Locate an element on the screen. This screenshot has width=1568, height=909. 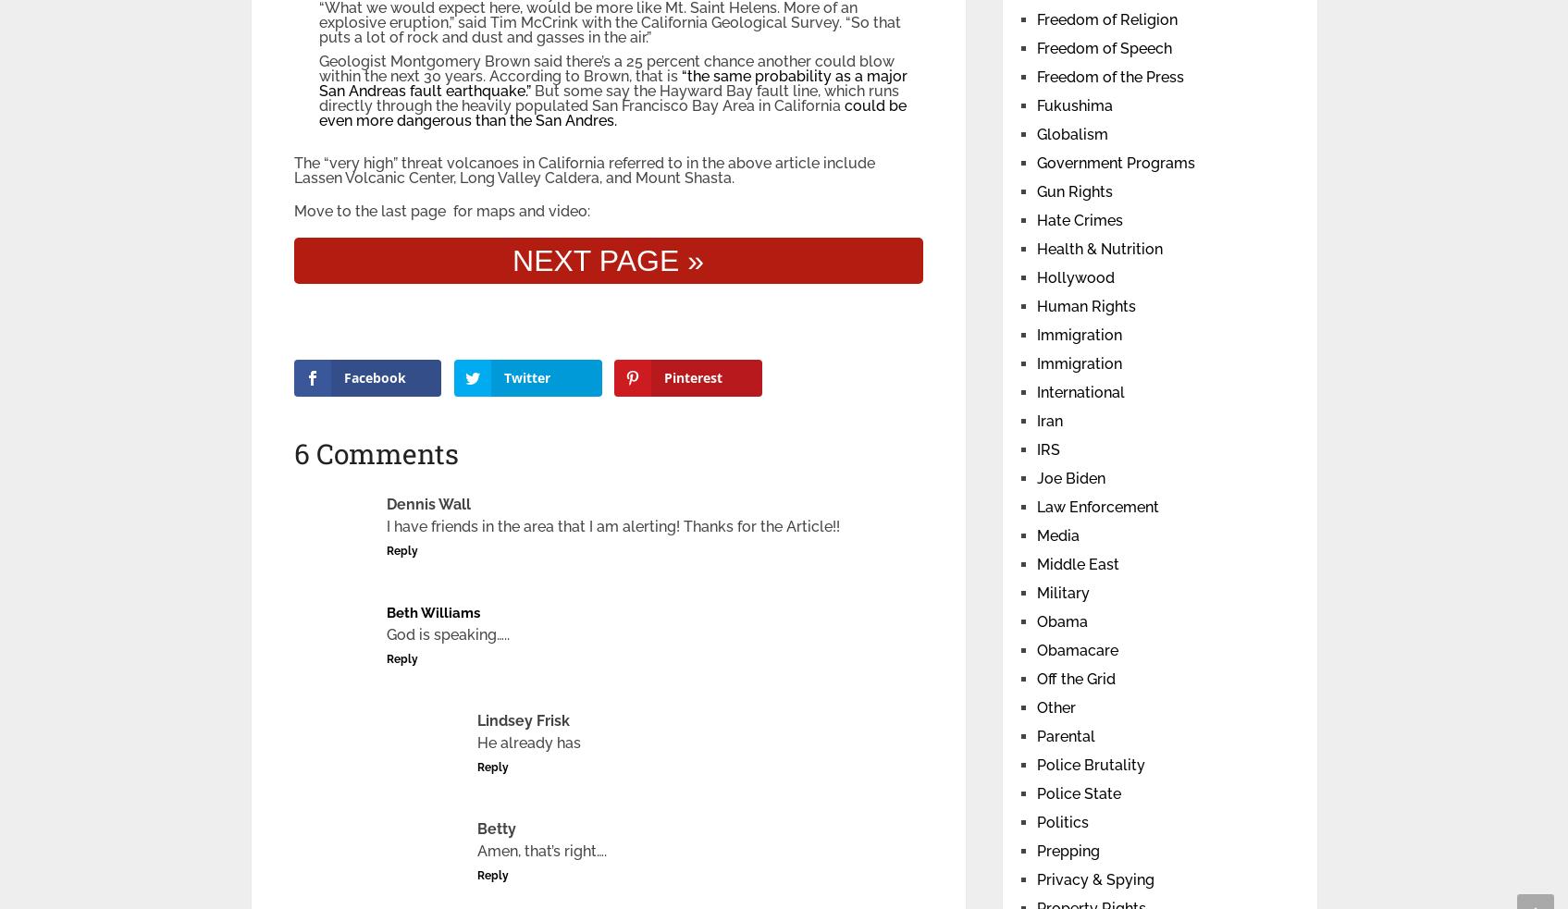
'NEXT PAGE »' is located at coordinates (607, 261).